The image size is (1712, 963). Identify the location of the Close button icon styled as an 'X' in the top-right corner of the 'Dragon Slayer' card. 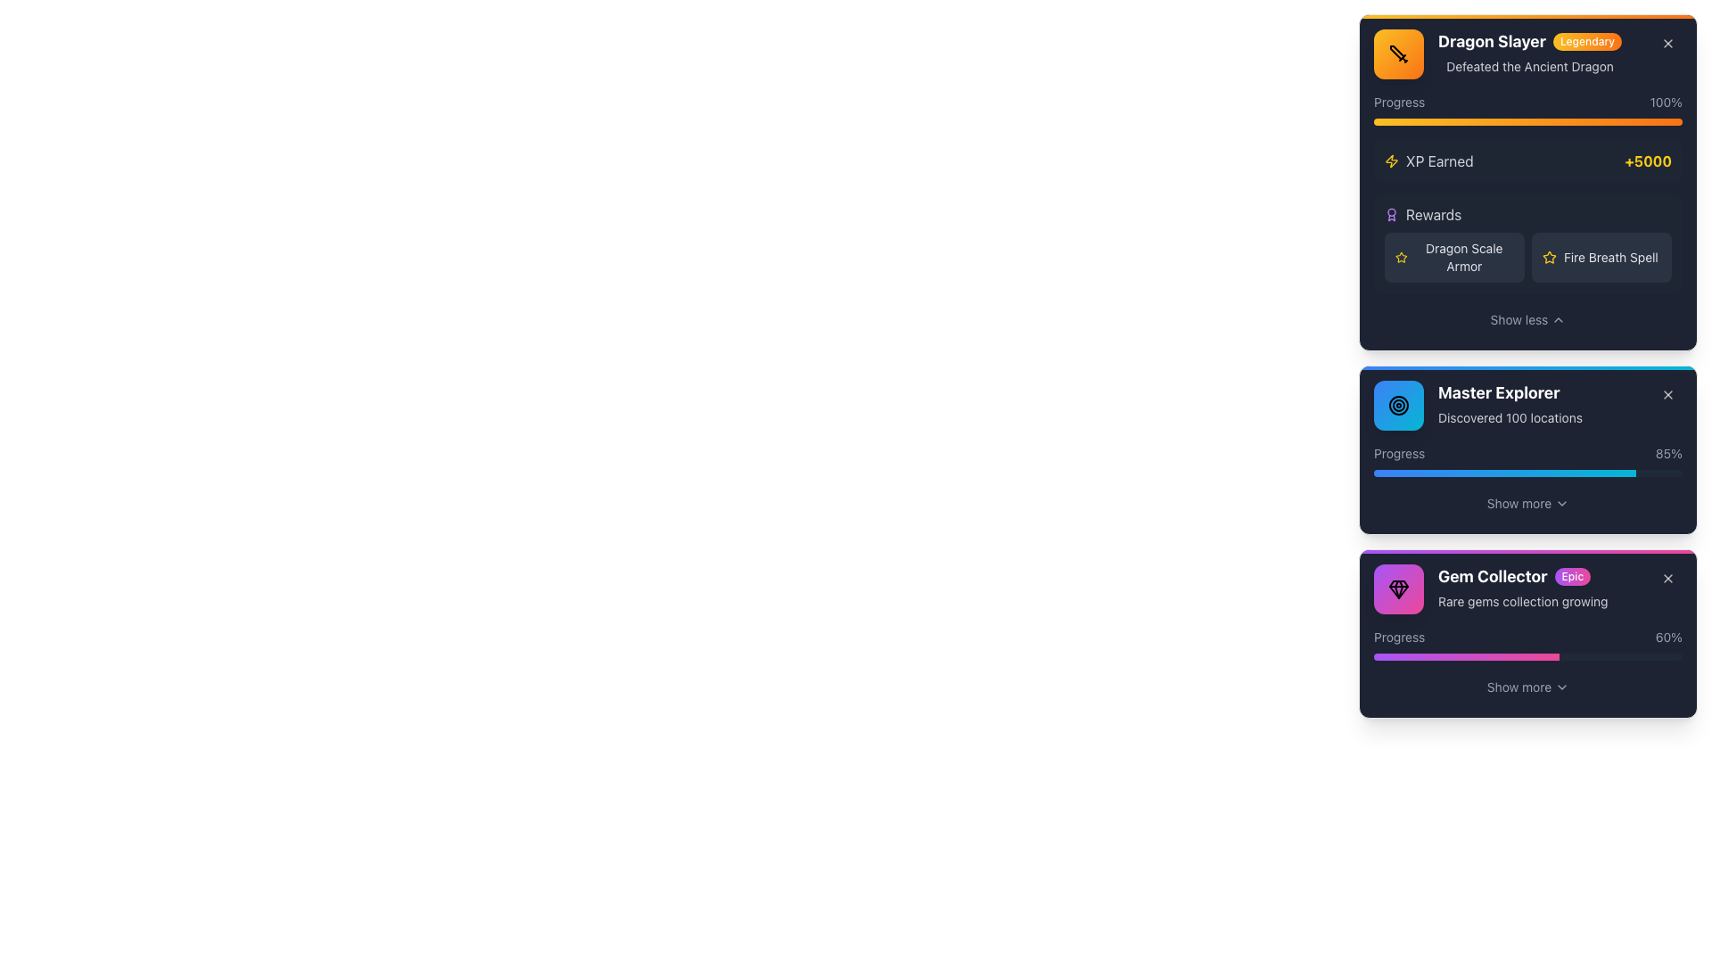
(1667, 43).